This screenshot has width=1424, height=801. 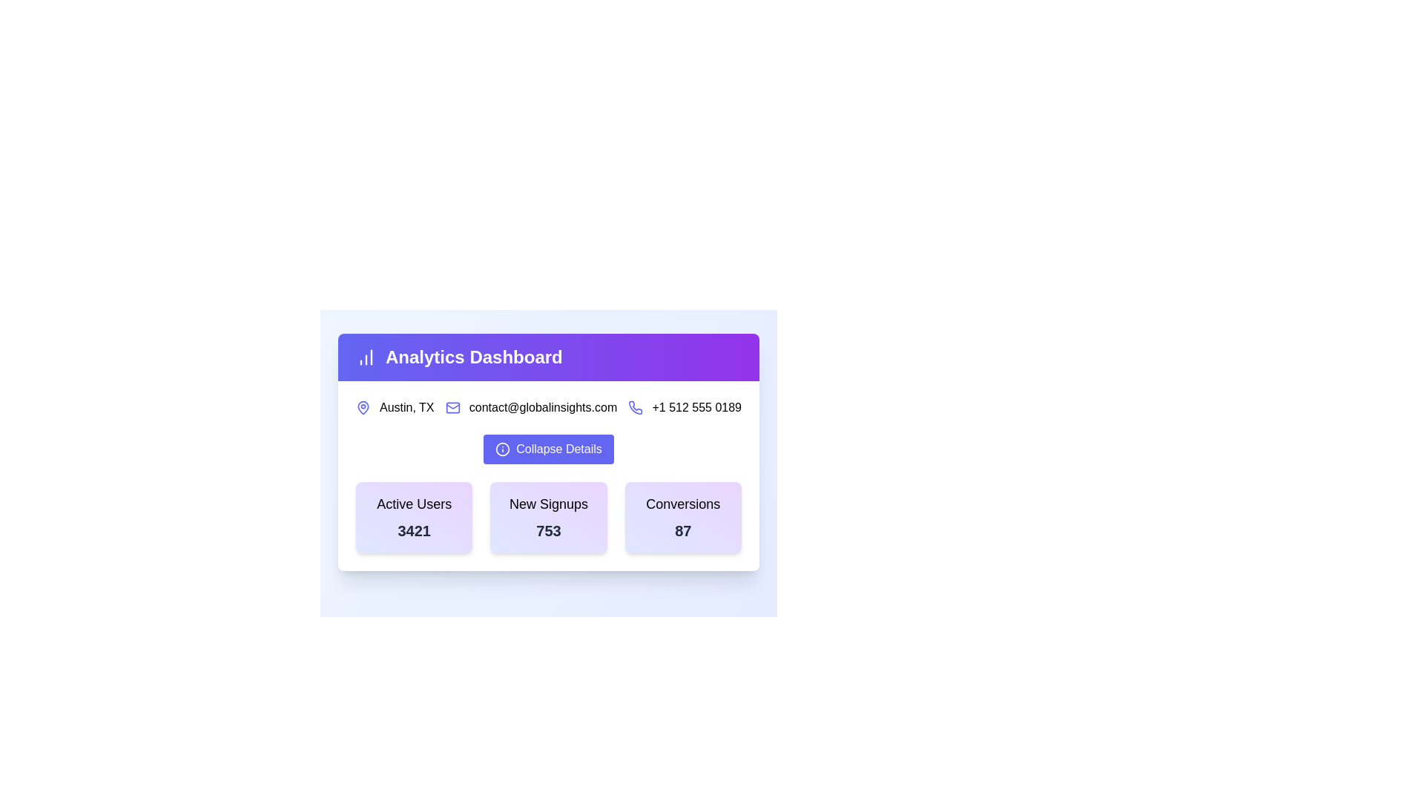 What do you see at coordinates (503, 448) in the screenshot?
I see `the circular icon with an embedded information symbol located on the leftmost edge of the 'Collapse Details' button` at bounding box center [503, 448].